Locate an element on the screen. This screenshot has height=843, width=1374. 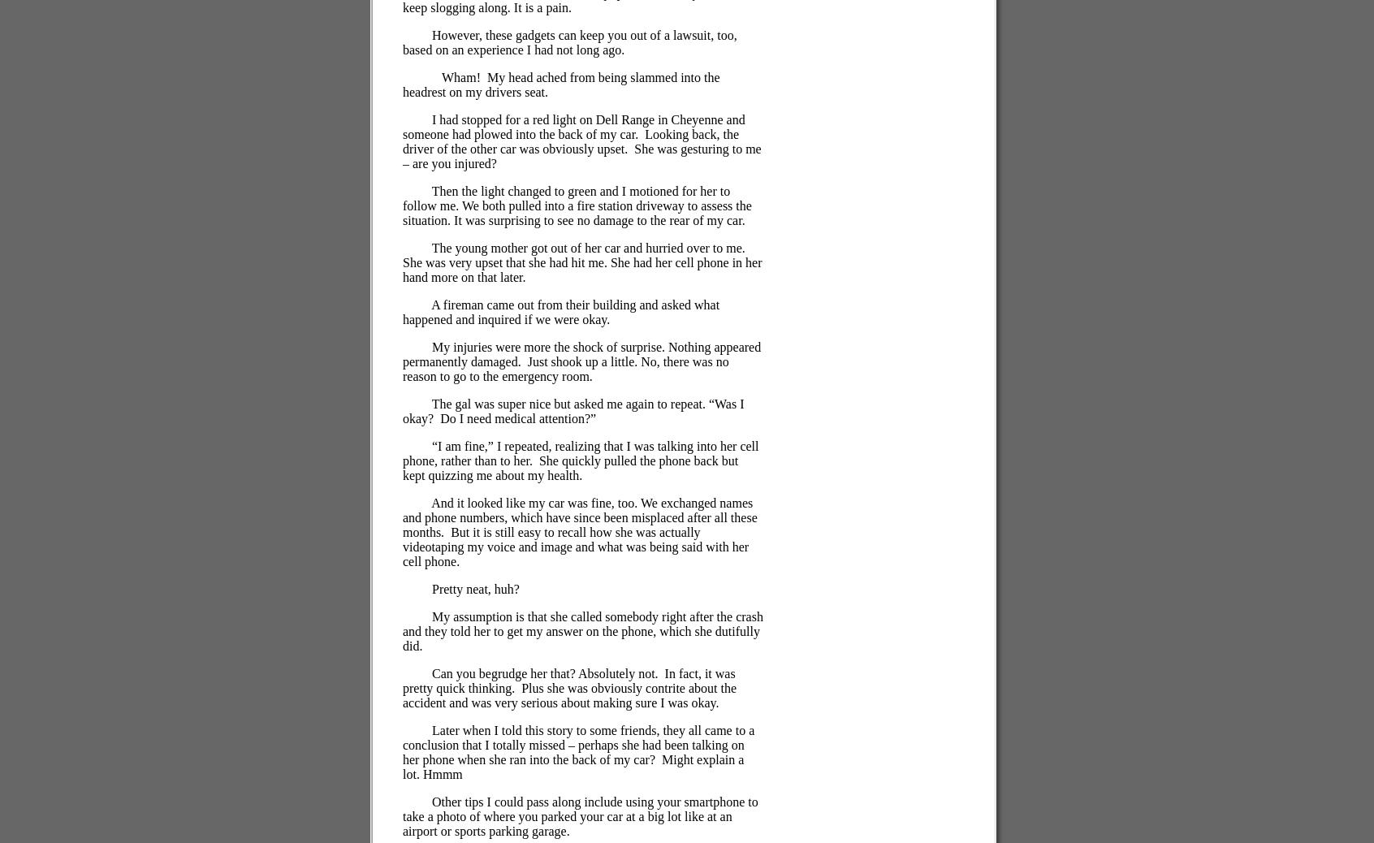
'My head ached from being slammed into the
headrest on my drivers seat.' is located at coordinates (561, 84).